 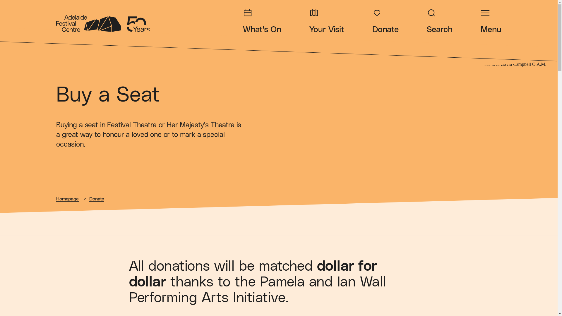 I want to click on 'Your Visit', so click(x=326, y=21).